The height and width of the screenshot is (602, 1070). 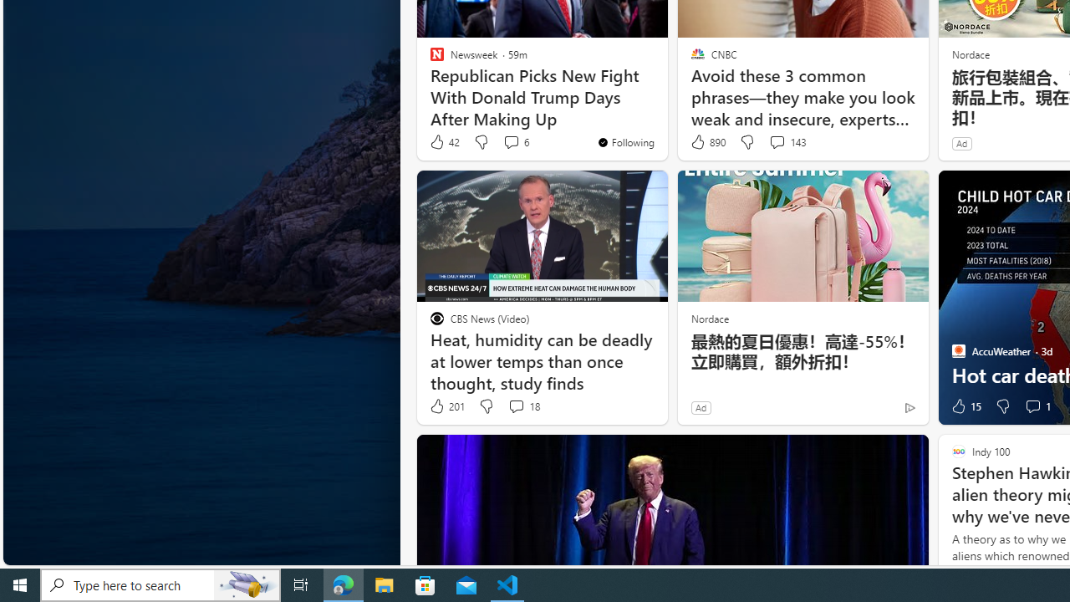 I want to click on '42 Like', so click(x=444, y=141).